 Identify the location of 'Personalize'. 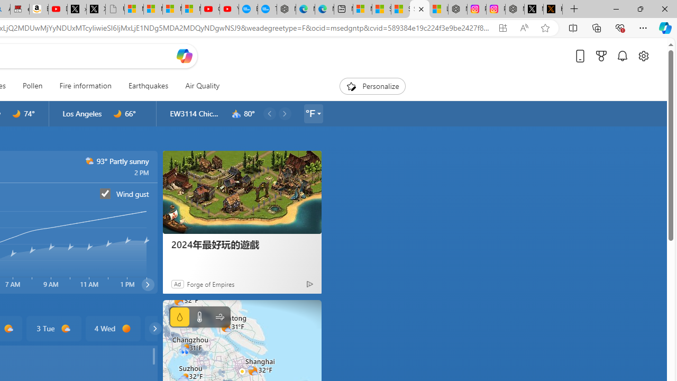
(372, 86).